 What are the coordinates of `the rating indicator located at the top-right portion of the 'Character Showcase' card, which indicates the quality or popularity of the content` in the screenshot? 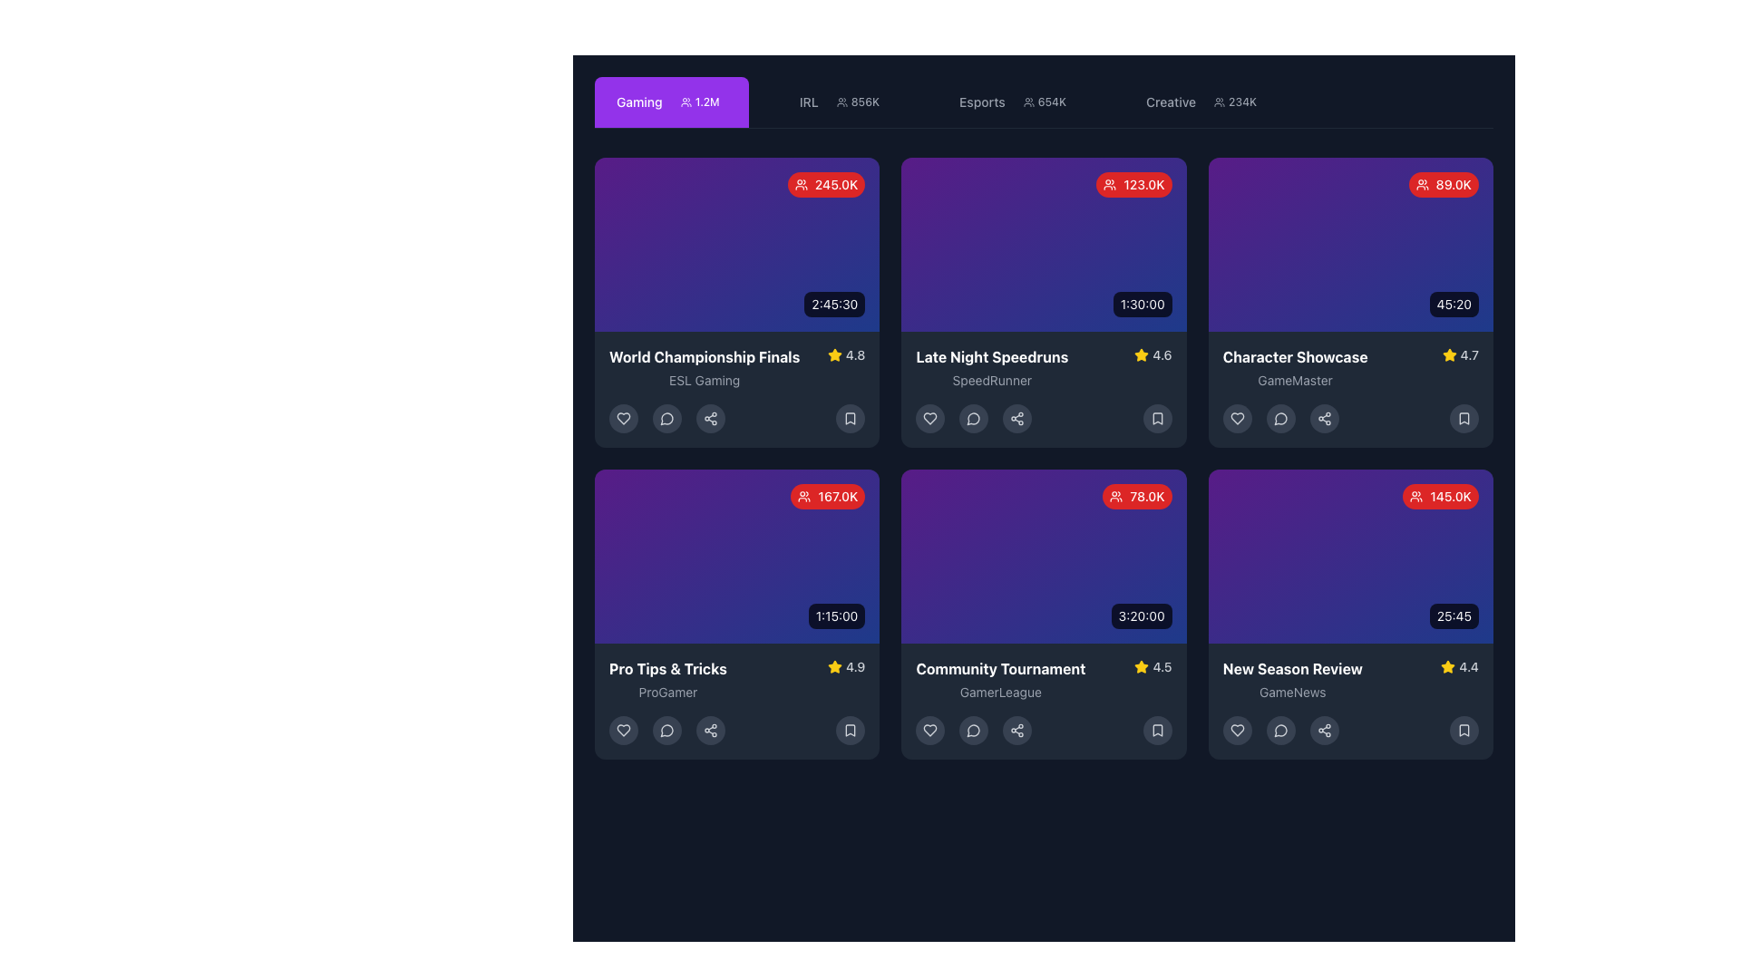 It's located at (1460, 355).